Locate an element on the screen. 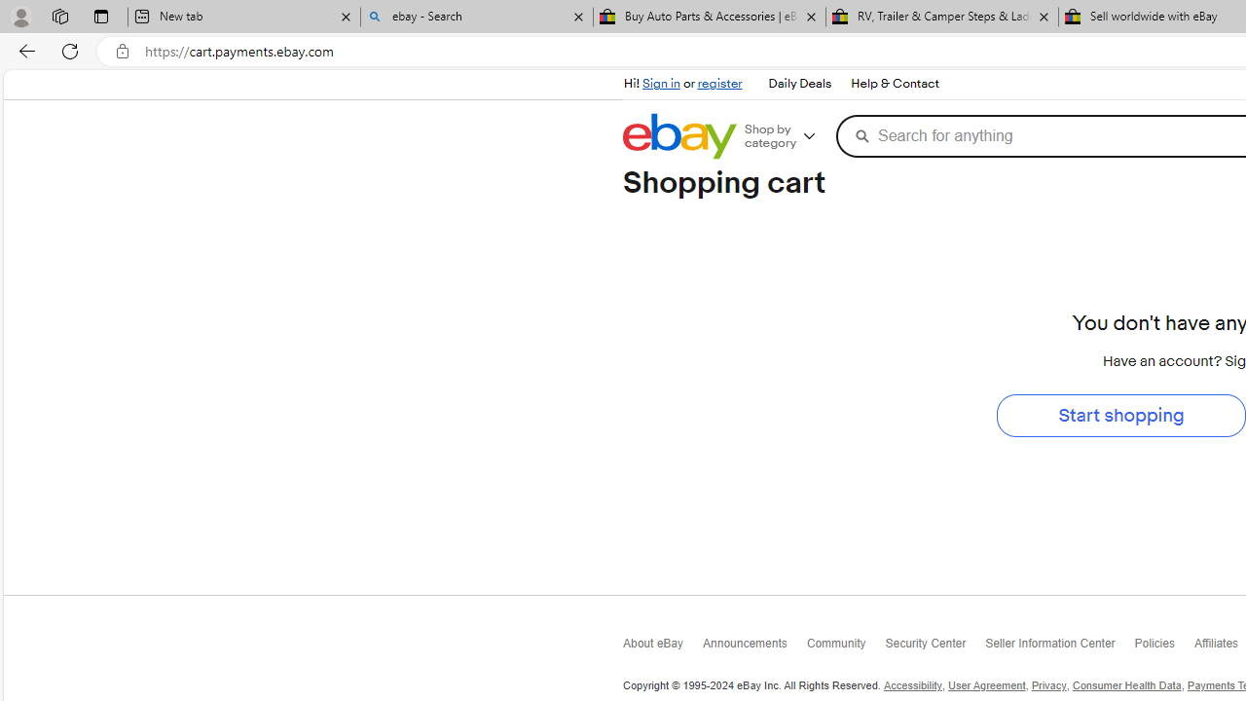  'Buy Auto Parts & Accessories | eBay' is located at coordinates (709, 17).